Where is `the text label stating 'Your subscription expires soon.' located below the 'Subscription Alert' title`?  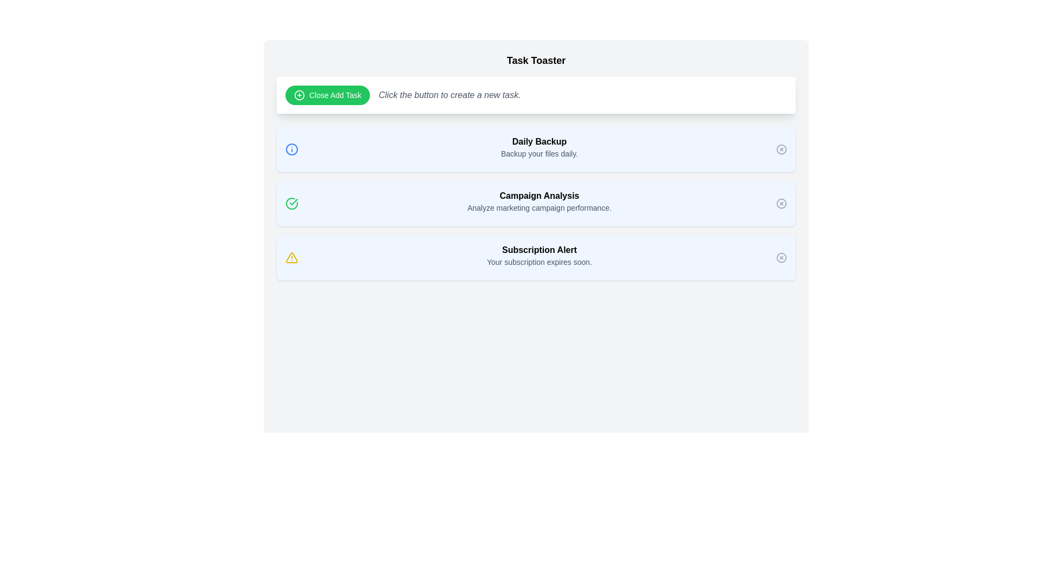
the text label stating 'Your subscription expires soon.' located below the 'Subscription Alert' title is located at coordinates (539, 262).